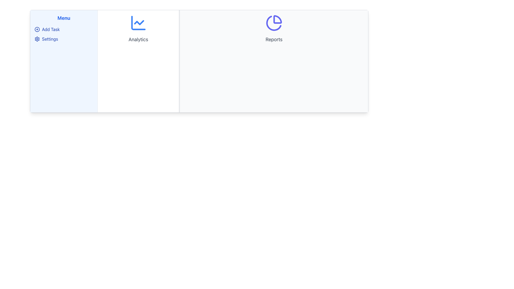  Describe the element at coordinates (37, 39) in the screenshot. I see `the gear-shaped icon representing settings, located` at that location.